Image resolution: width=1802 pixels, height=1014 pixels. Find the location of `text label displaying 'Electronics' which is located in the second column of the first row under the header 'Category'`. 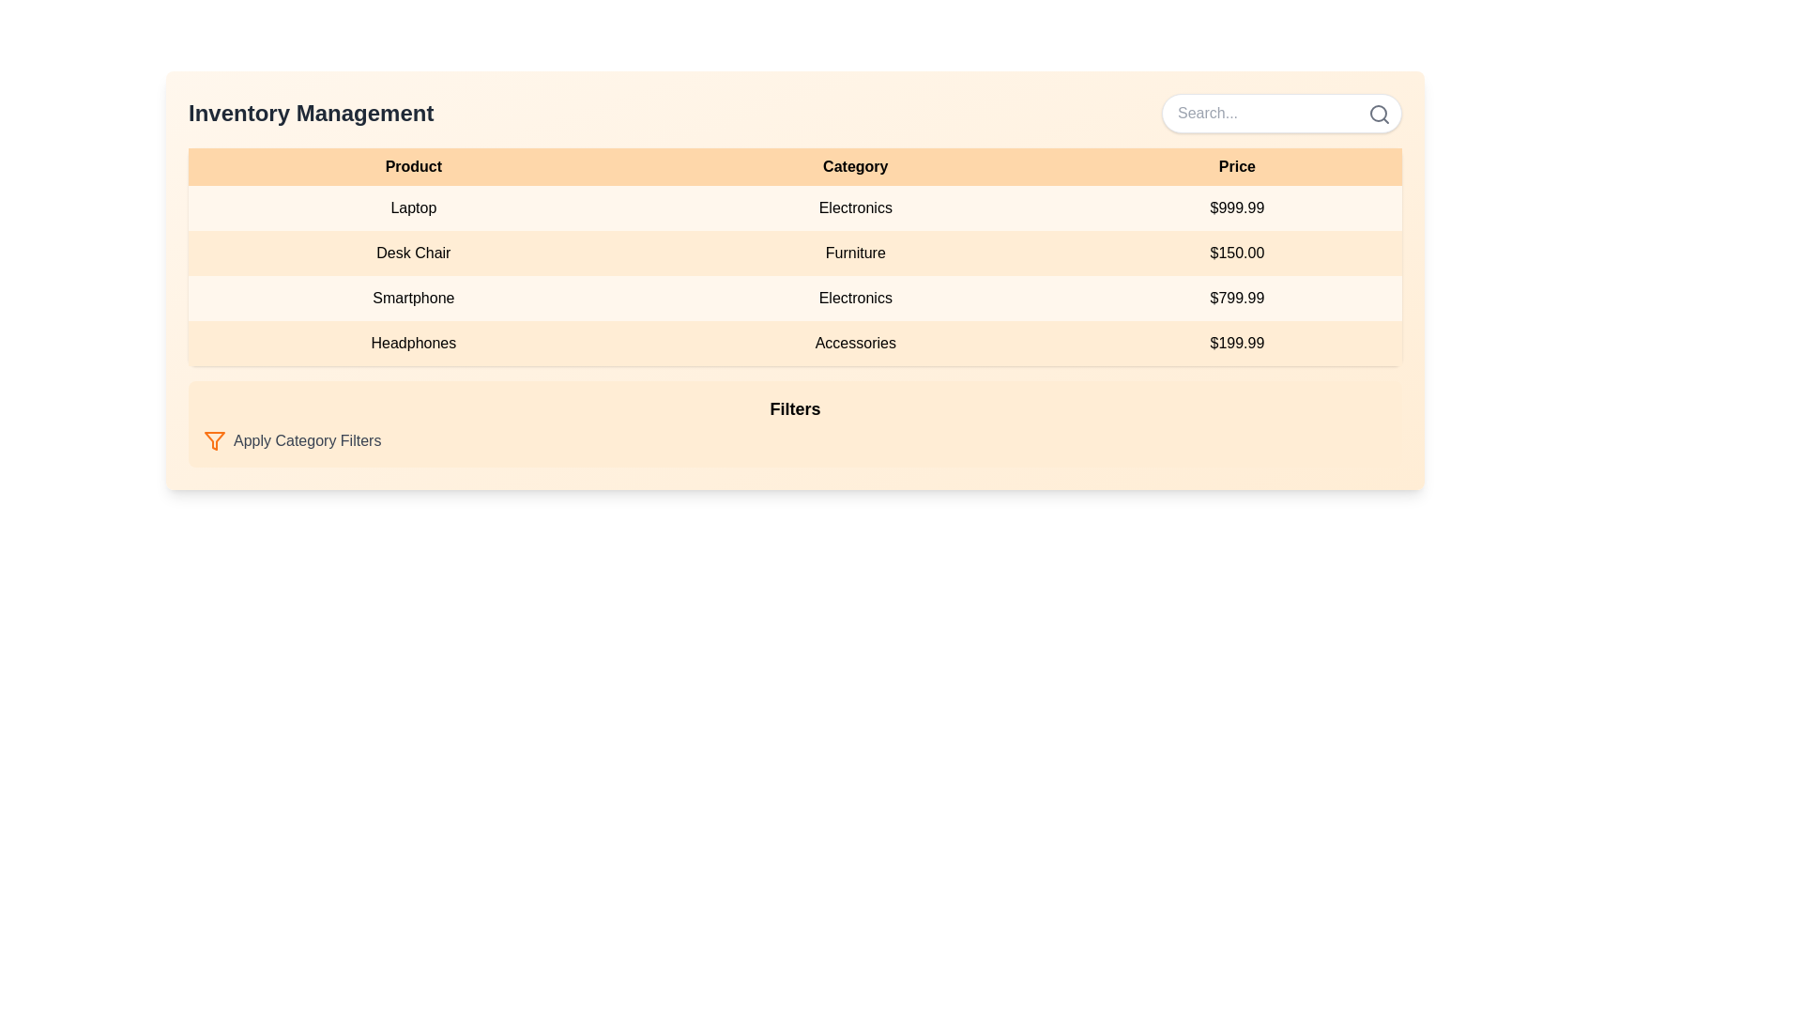

text label displaying 'Electronics' which is located in the second column of the first row under the header 'Category' is located at coordinates (854, 208).